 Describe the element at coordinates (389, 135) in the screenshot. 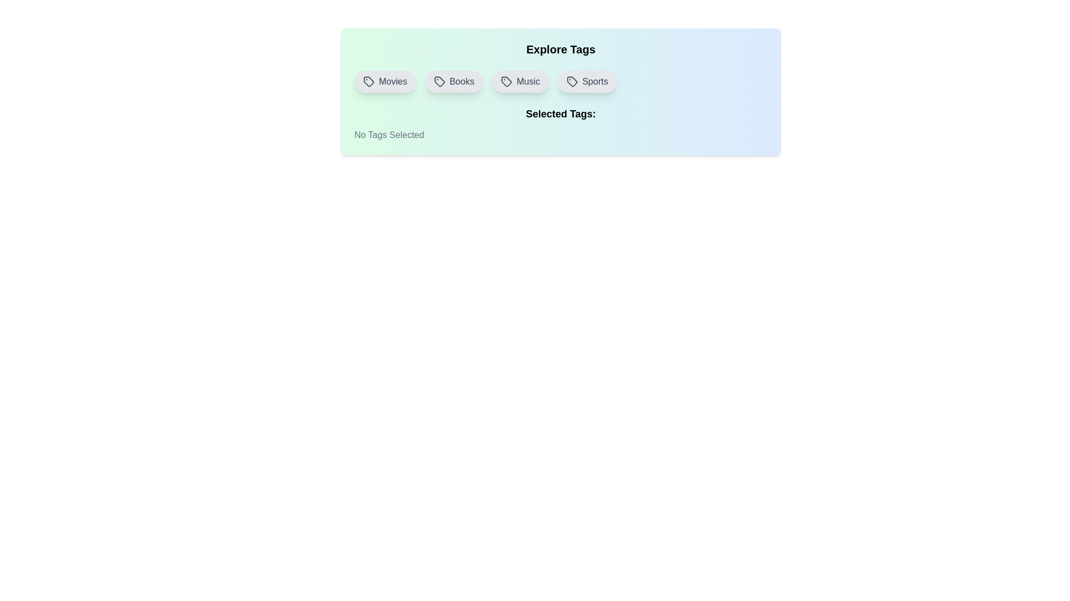

I see `the informational Text Label indicating that no tags have been selected yet, which is located at the leftmost part within the 'Selected Tags:' section` at that location.